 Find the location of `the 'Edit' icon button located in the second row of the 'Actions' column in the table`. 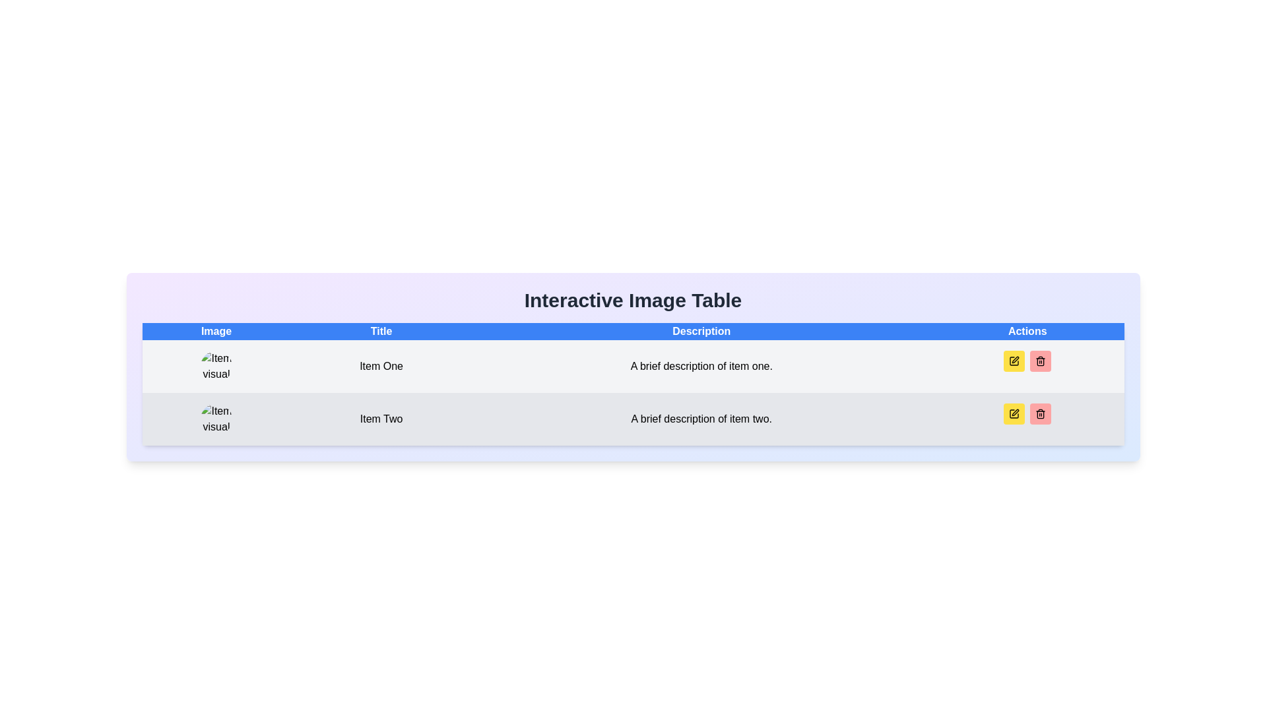

the 'Edit' icon button located in the second row of the 'Actions' column in the table is located at coordinates (1014, 413).